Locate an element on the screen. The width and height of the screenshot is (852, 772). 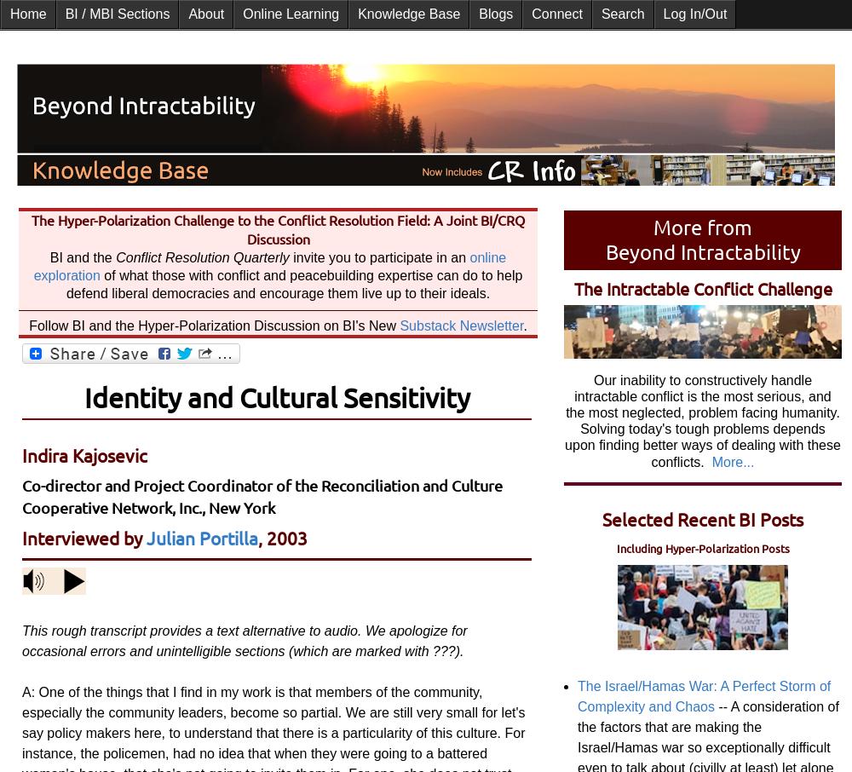
'--' is located at coordinates (723, 705).